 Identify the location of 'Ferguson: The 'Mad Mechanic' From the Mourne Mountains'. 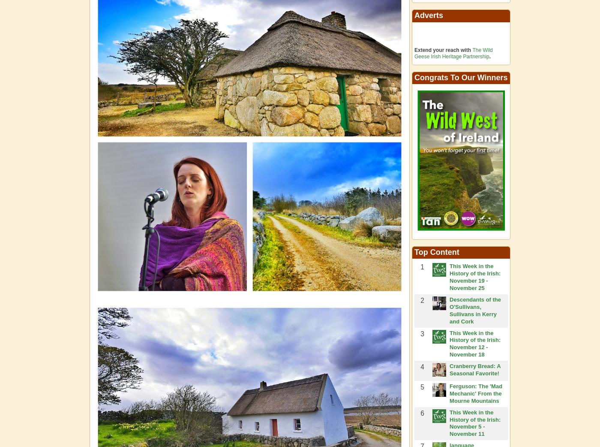
(476, 393).